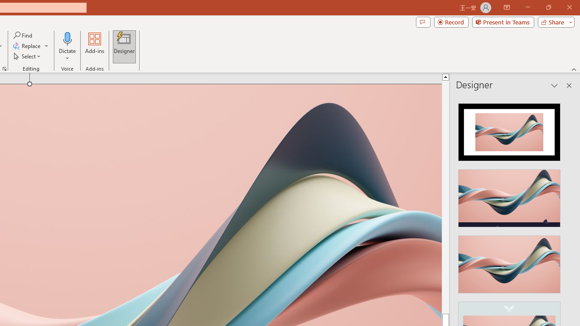 The width and height of the screenshot is (580, 326). Describe the element at coordinates (509, 261) in the screenshot. I see `'Design Idea'` at that location.